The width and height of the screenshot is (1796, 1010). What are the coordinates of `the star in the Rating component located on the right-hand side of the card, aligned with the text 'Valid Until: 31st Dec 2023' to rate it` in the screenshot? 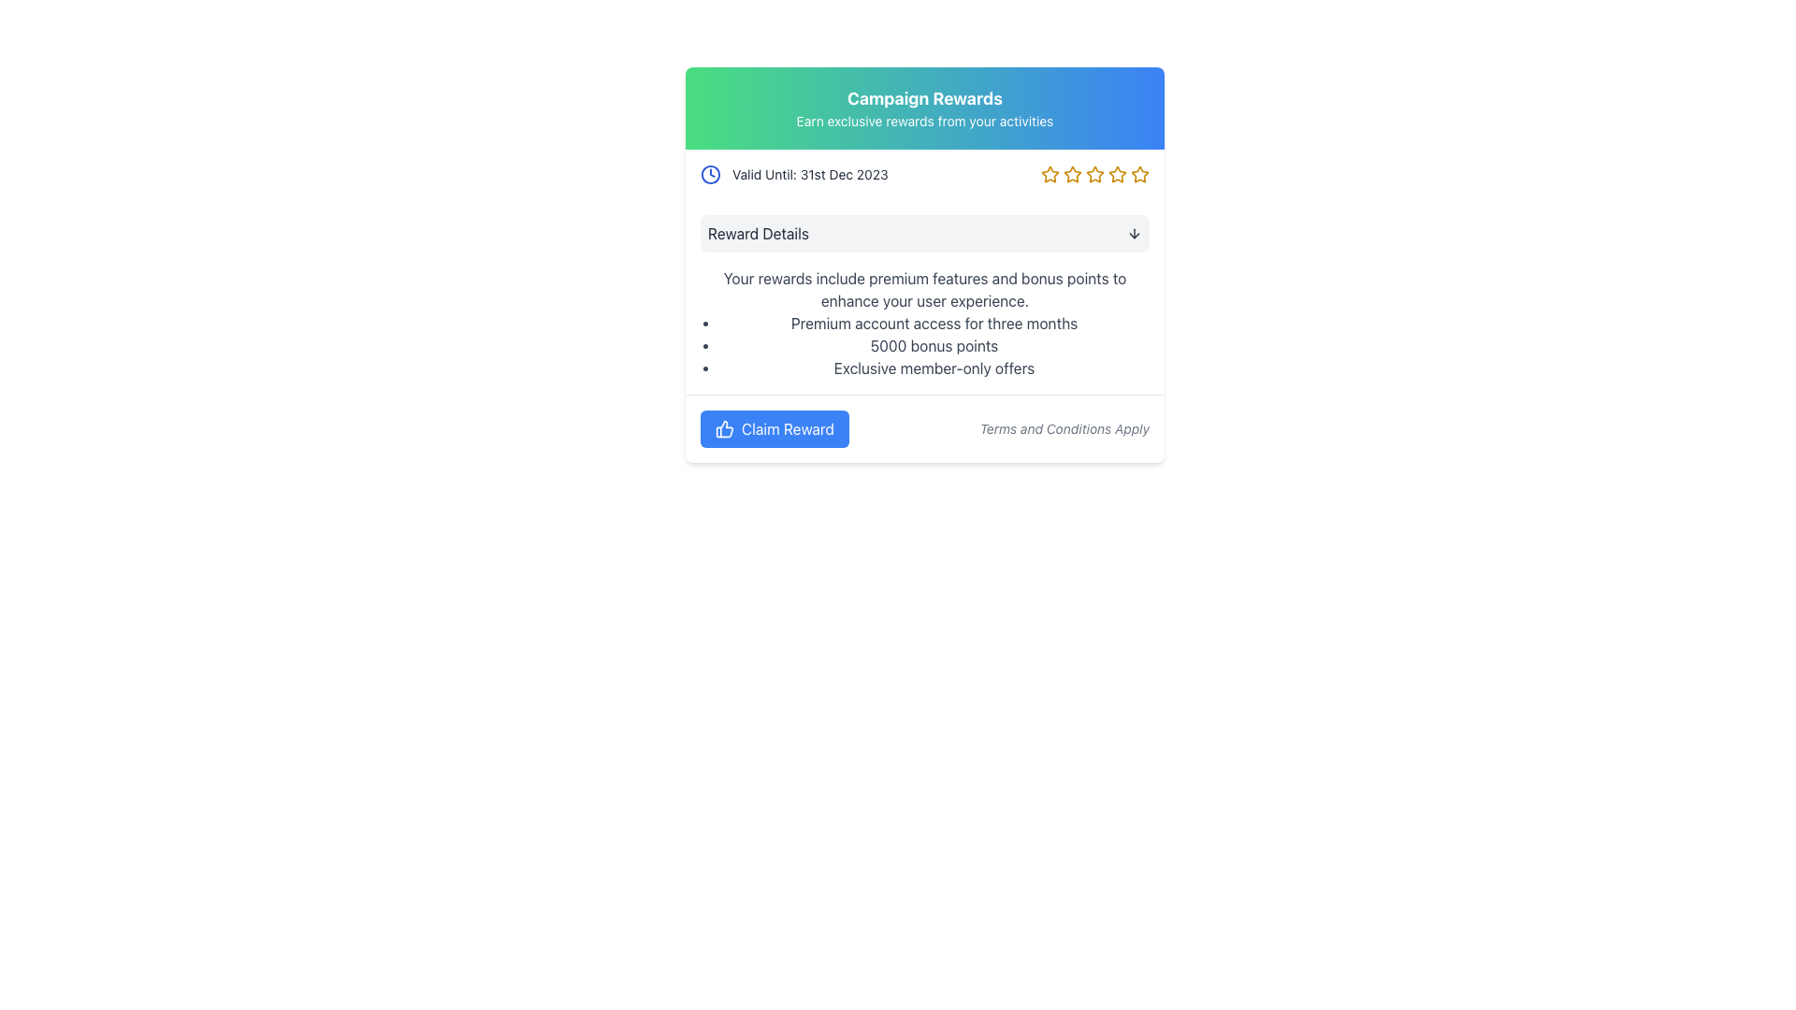 It's located at (1095, 174).